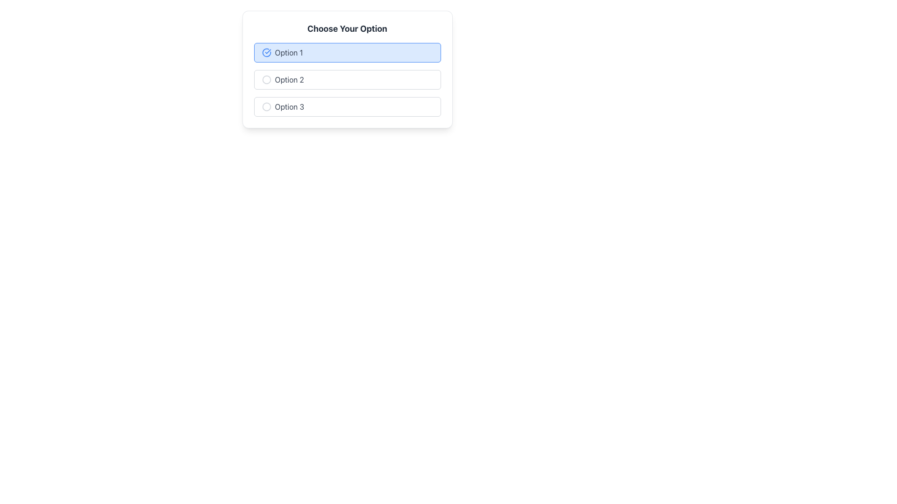 The image size is (897, 504). What do you see at coordinates (266, 79) in the screenshot?
I see `the radio button for 'Option 2'` at bounding box center [266, 79].